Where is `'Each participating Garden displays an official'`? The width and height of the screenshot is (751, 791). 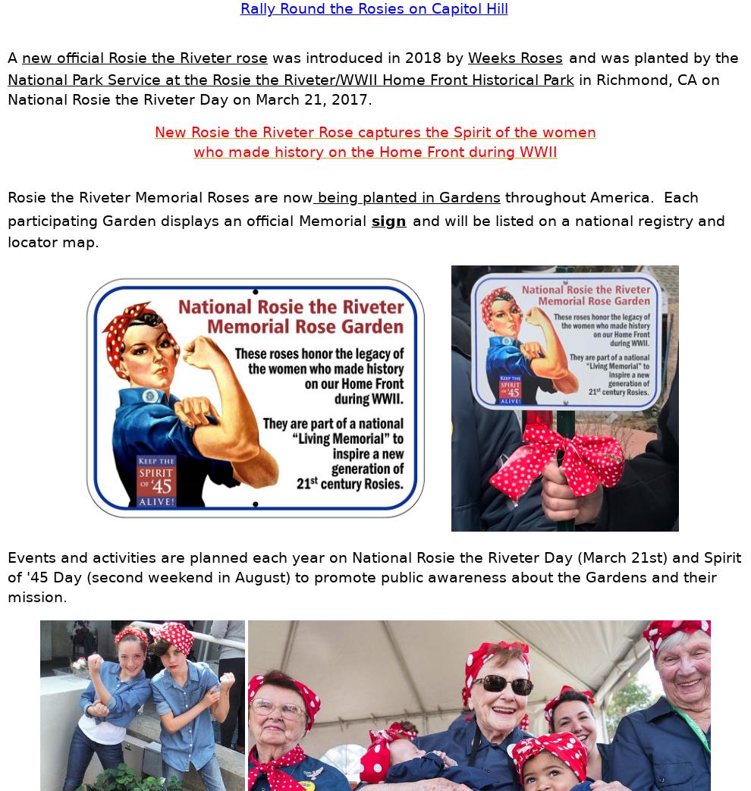
'Each participating Garden displays an official' is located at coordinates (6, 209).